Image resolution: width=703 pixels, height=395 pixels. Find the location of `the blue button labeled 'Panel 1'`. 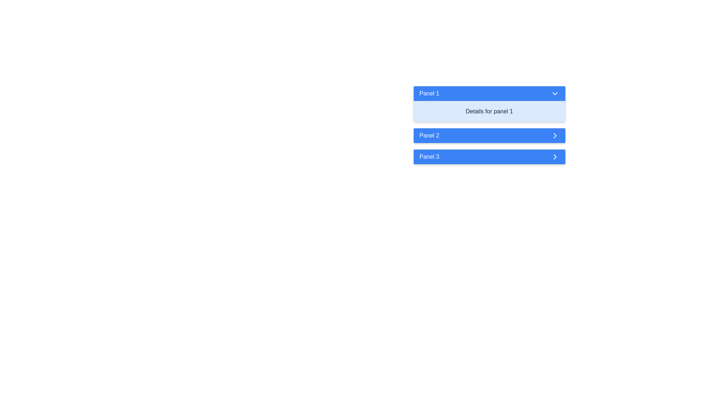

the blue button labeled 'Panel 1' is located at coordinates (489, 93).